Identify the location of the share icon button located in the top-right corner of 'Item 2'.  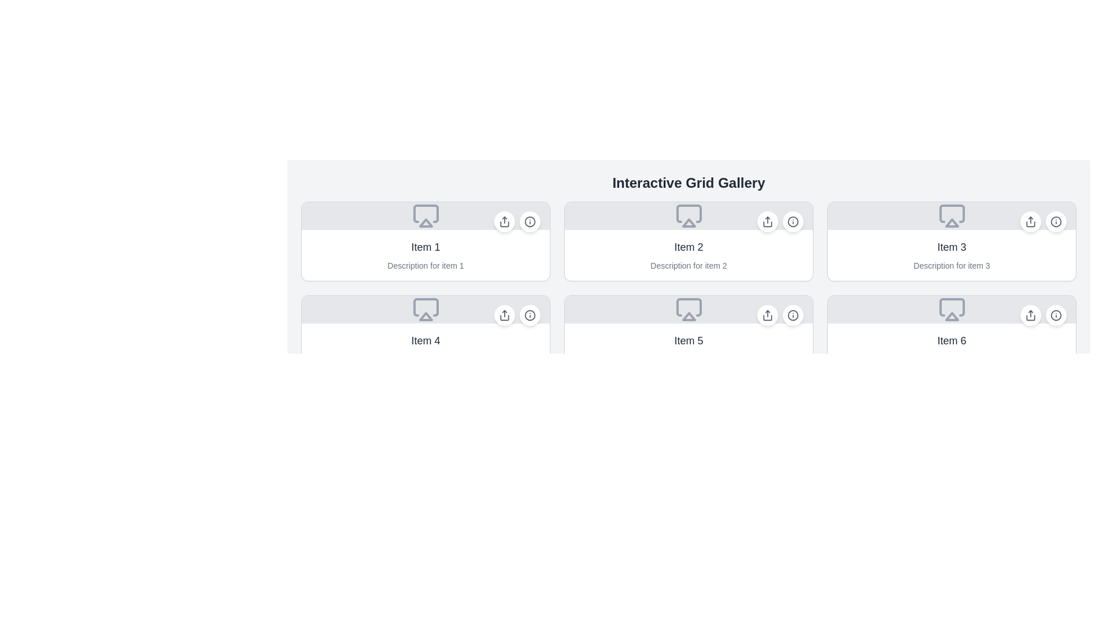
(768, 222).